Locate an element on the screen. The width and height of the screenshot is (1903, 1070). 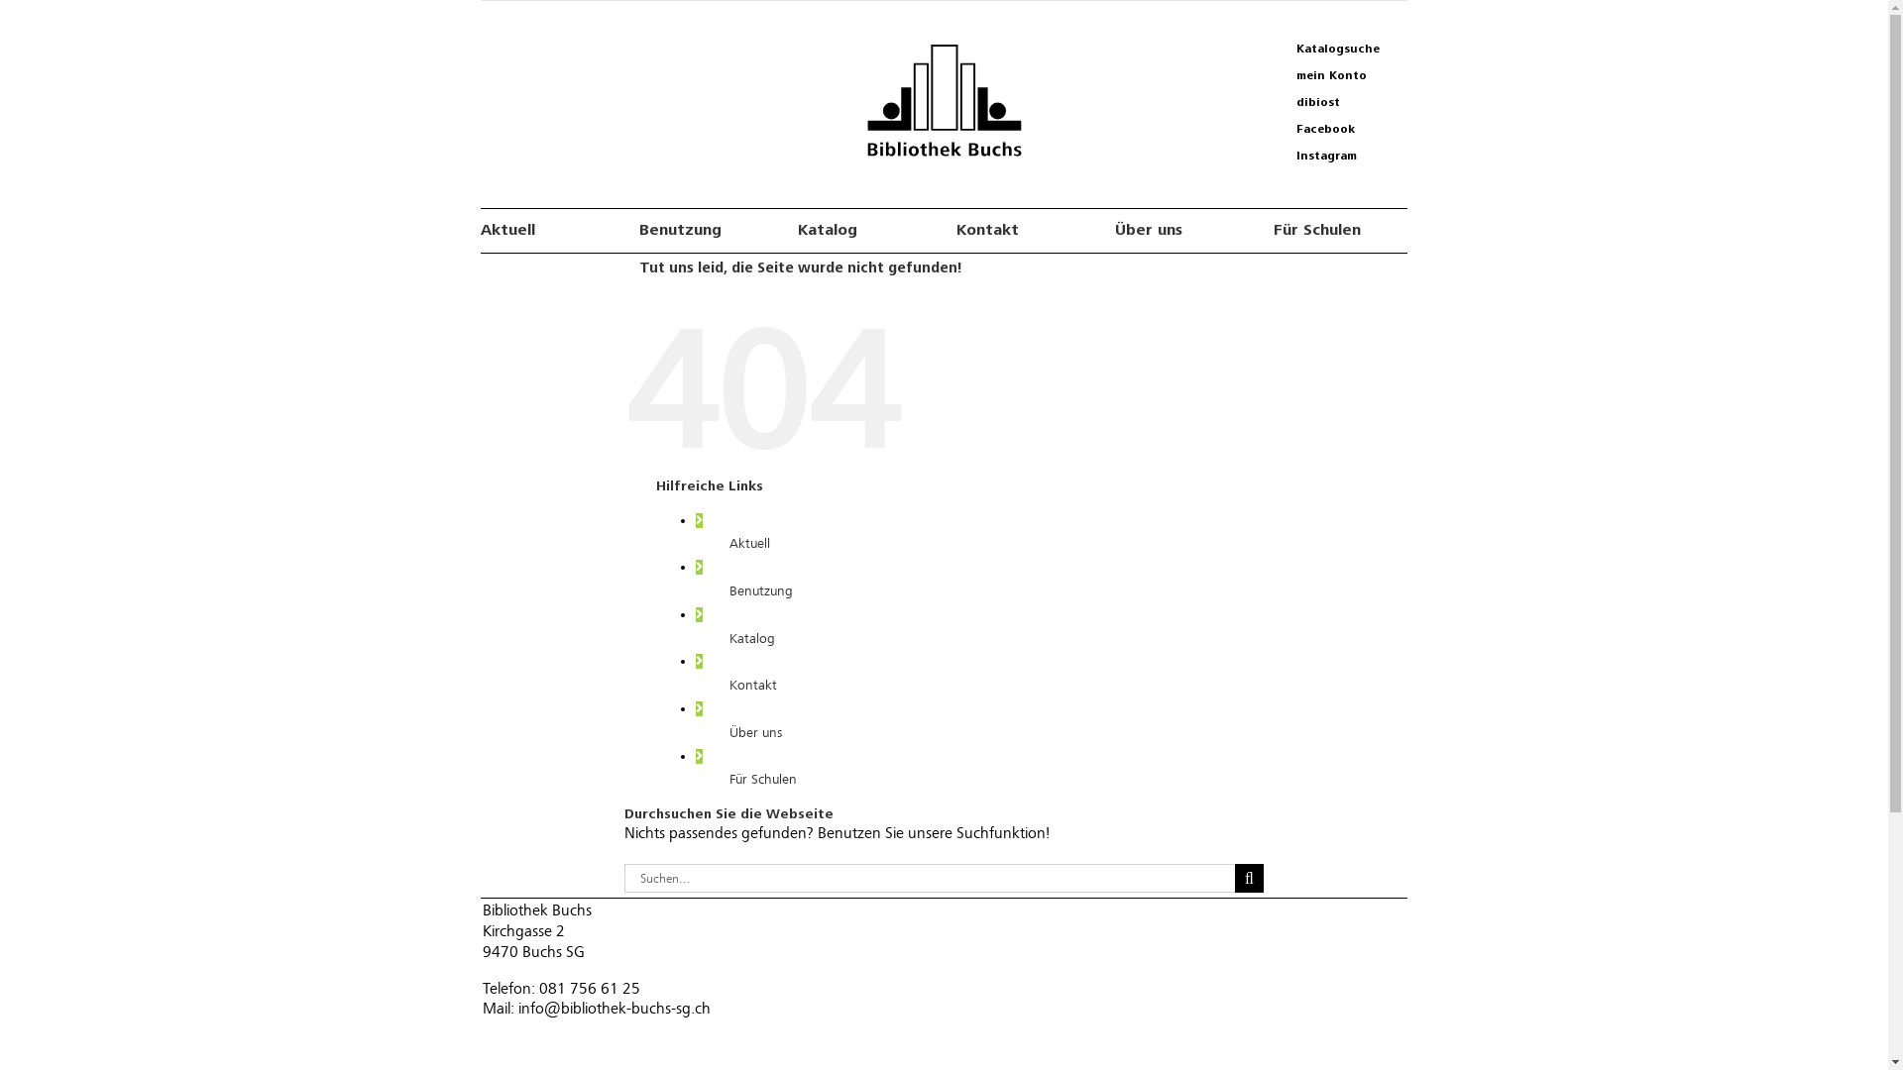
'Instagram' is located at coordinates (1337, 156).